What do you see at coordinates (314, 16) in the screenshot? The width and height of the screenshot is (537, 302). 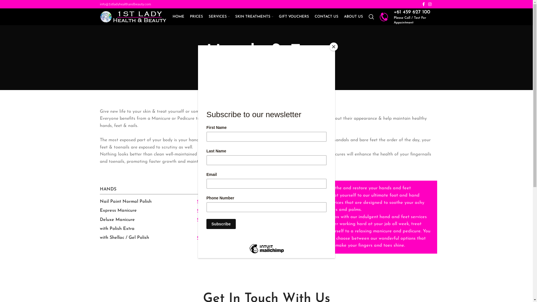 I see `'CONTACT US'` at bounding box center [314, 16].